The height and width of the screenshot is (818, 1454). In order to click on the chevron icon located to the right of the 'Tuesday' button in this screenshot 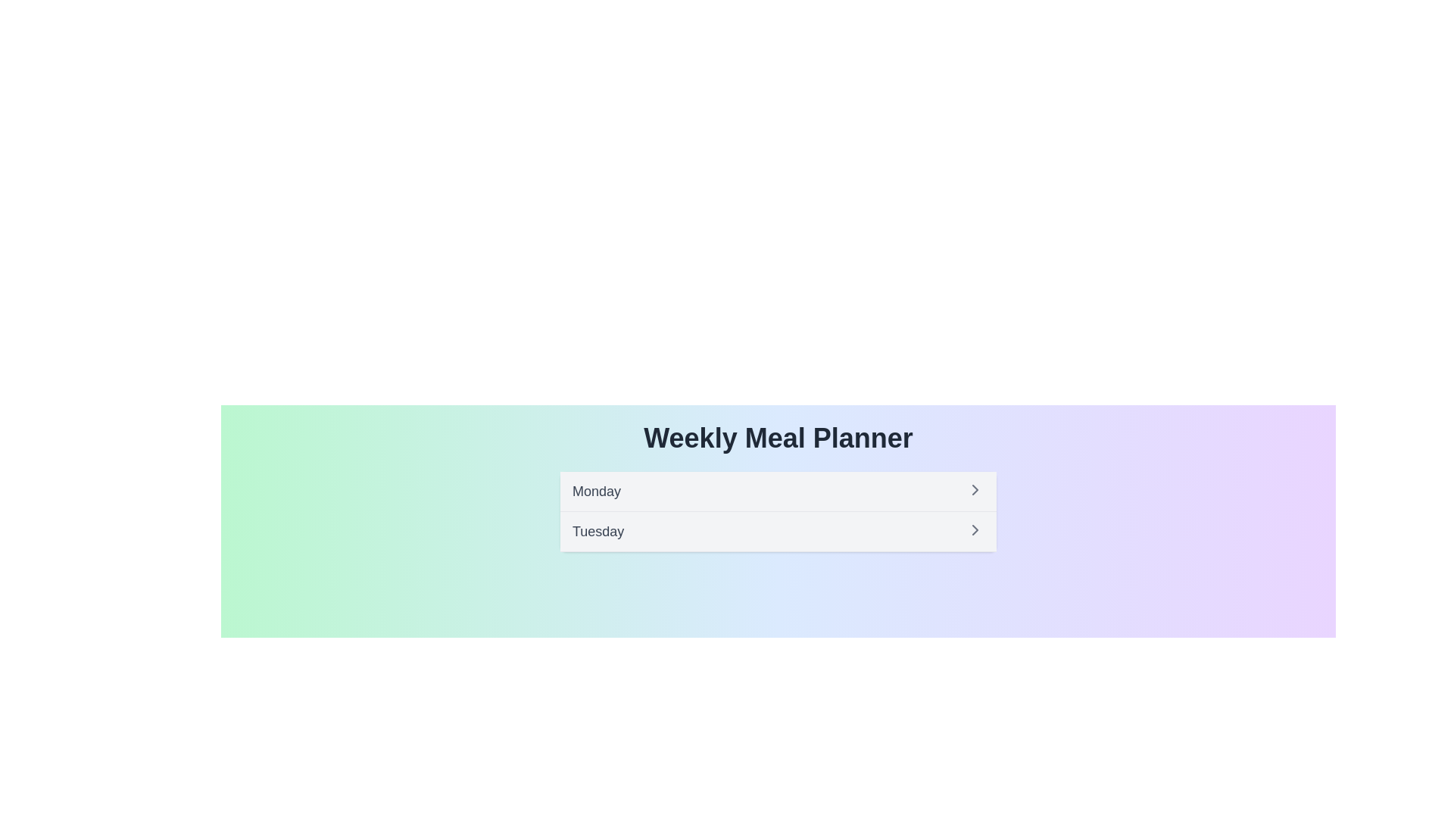, I will do `click(975, 529)`.